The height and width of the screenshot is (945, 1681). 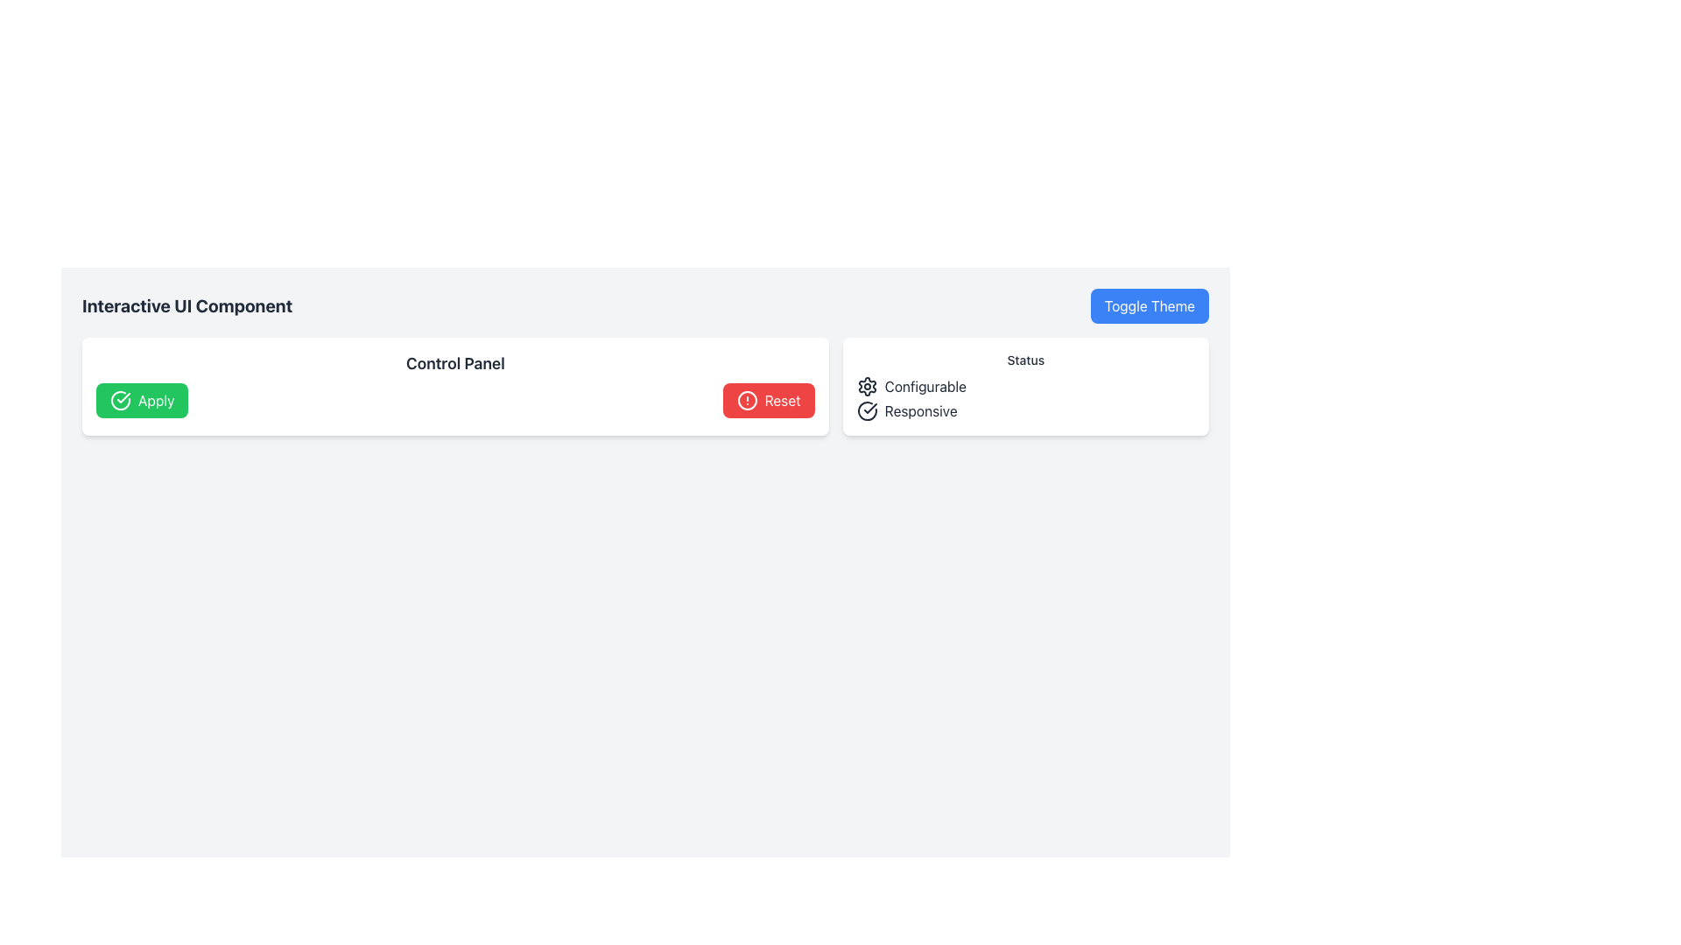 What do you see at coordinates (769, 401) in the screenshot?
I see `the reset button located on the right side of the Control Panel, which is the second button following the green Apply button` at bounding box center [769, 401].